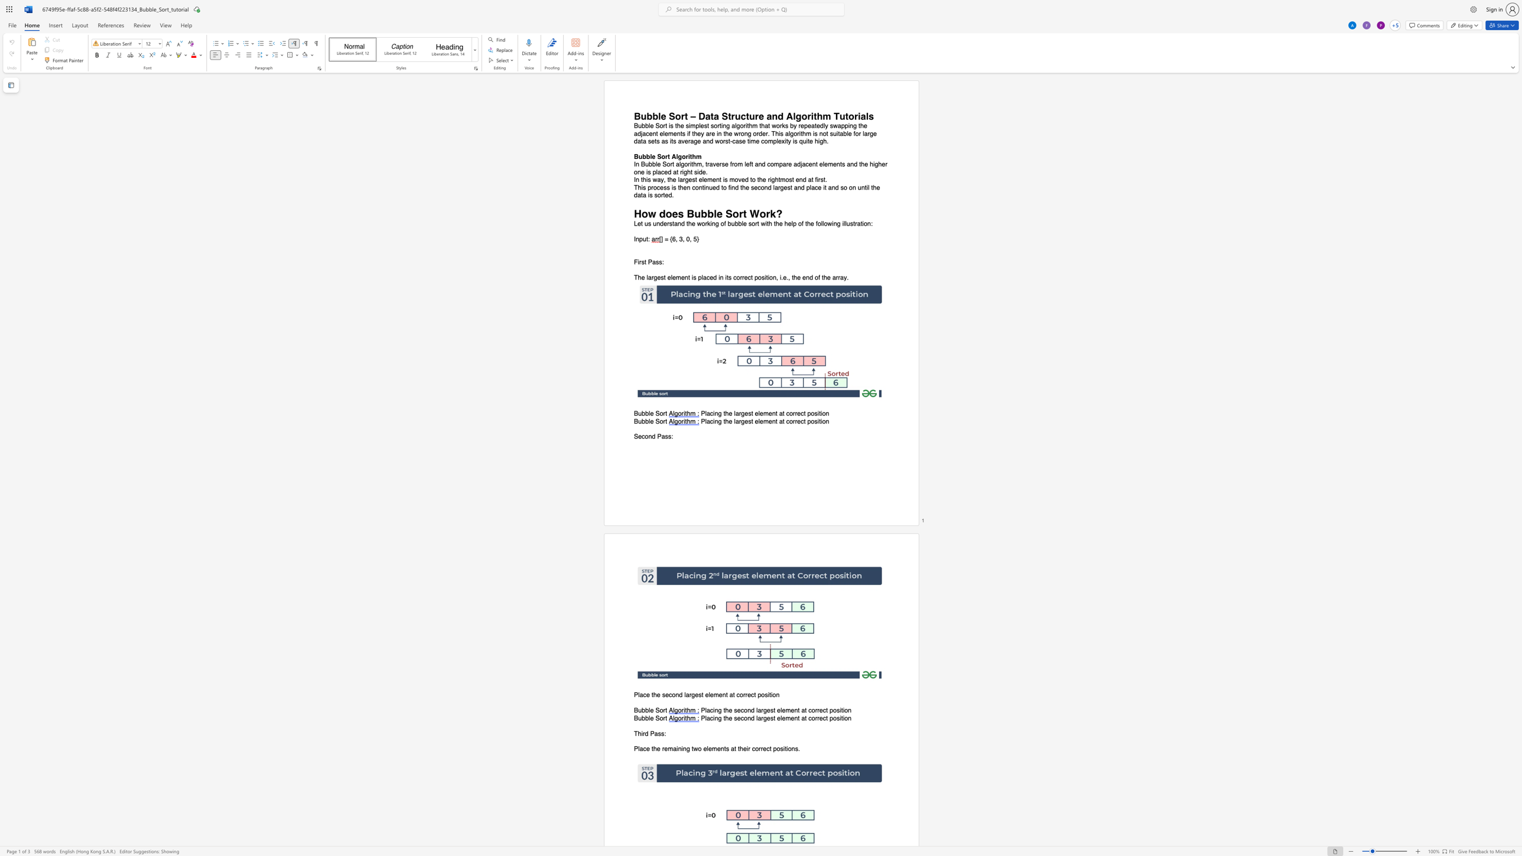  What do you see at coordinates (661, 262) in the screenshot?
I see `the 3th character "s" in the text` at bounding box center [661, 262].